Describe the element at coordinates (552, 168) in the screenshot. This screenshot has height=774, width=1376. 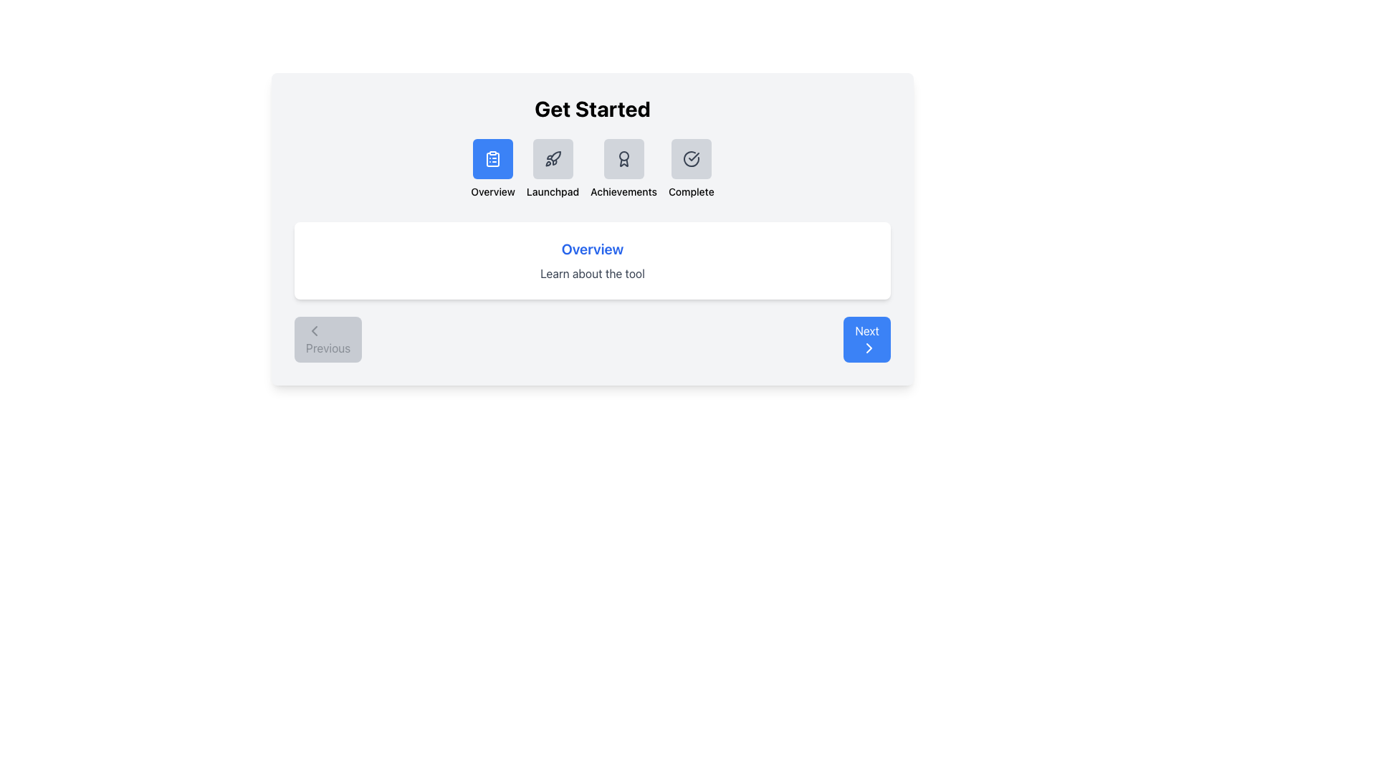
I see `the 'Launchpad' button` at that location.